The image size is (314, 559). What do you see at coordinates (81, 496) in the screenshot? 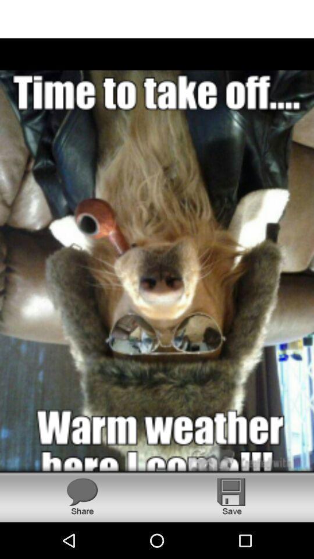
I see `item at the bottom left corner` at bounding box center [81, 496].